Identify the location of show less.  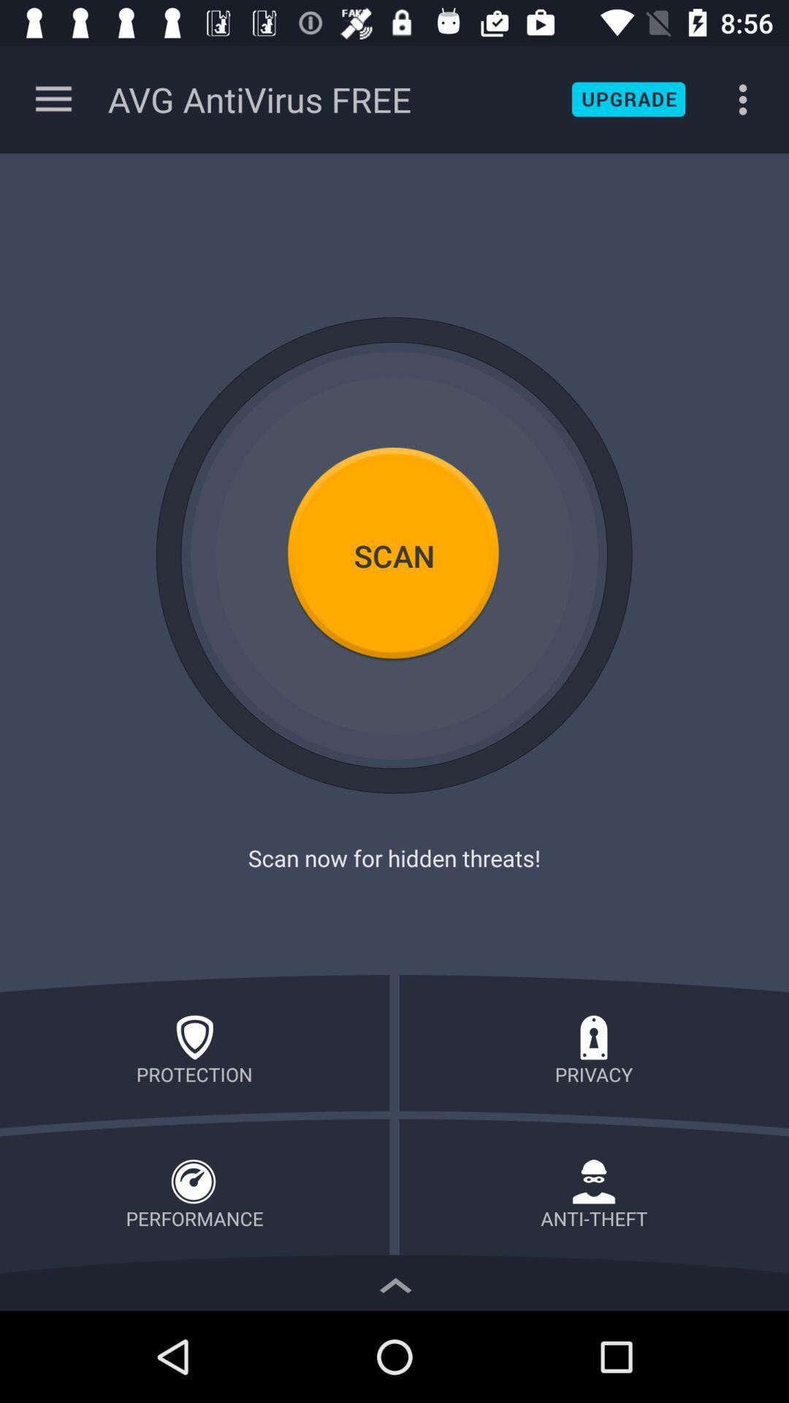
(394, 1281).